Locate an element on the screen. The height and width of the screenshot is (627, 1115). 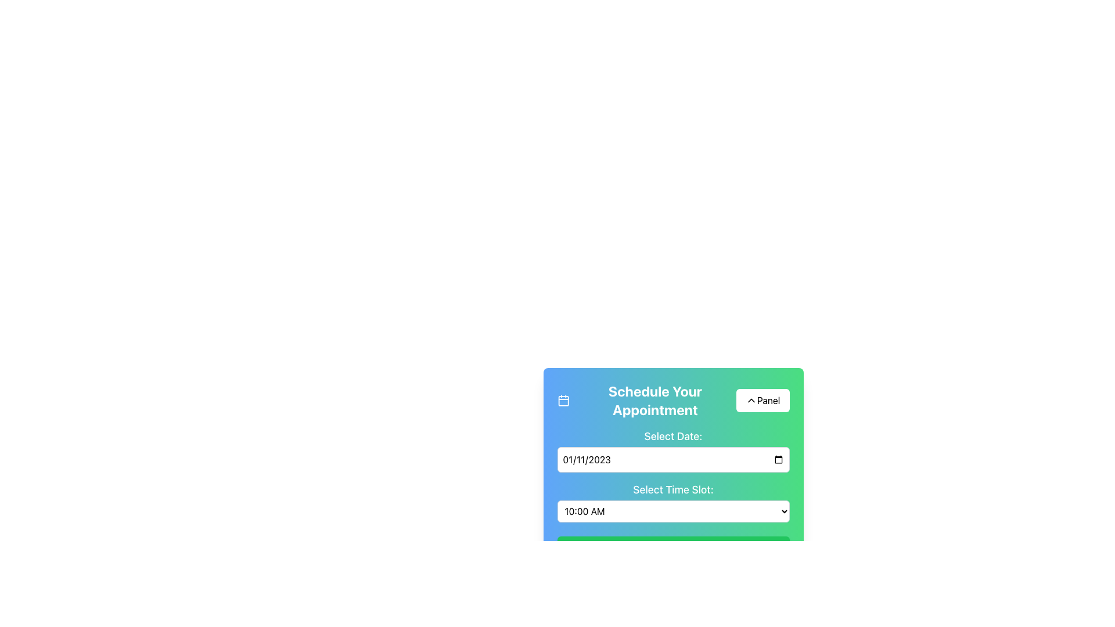
the composite UI block consisting of a heading and an interactive button is located at coordinates (673, 400).